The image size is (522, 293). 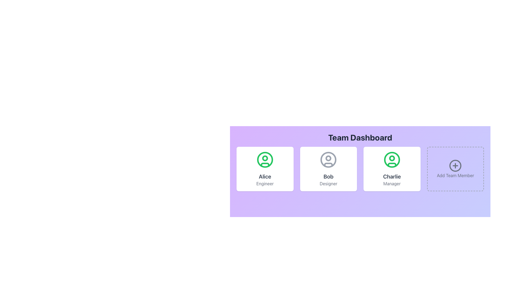 What do you see at coordinates (360, 137) in the screenshot?
I see `title text 'Team Dashboard', which is prominently displayed in bold, large font at the top of the panel with a gradient background` at bounding box center [360, 137].